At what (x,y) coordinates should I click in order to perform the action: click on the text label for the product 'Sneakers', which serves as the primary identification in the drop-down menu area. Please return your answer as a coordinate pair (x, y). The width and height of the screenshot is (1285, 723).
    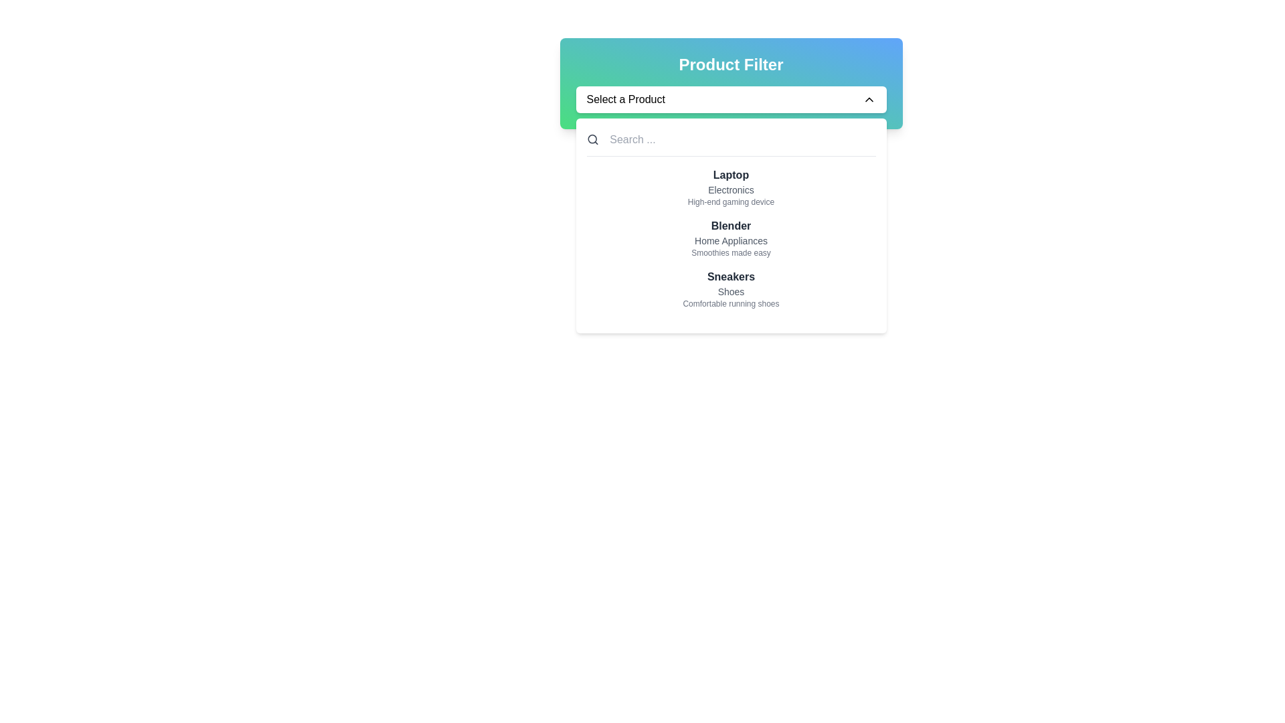
    Looking at the image, I should click on (730, 276).